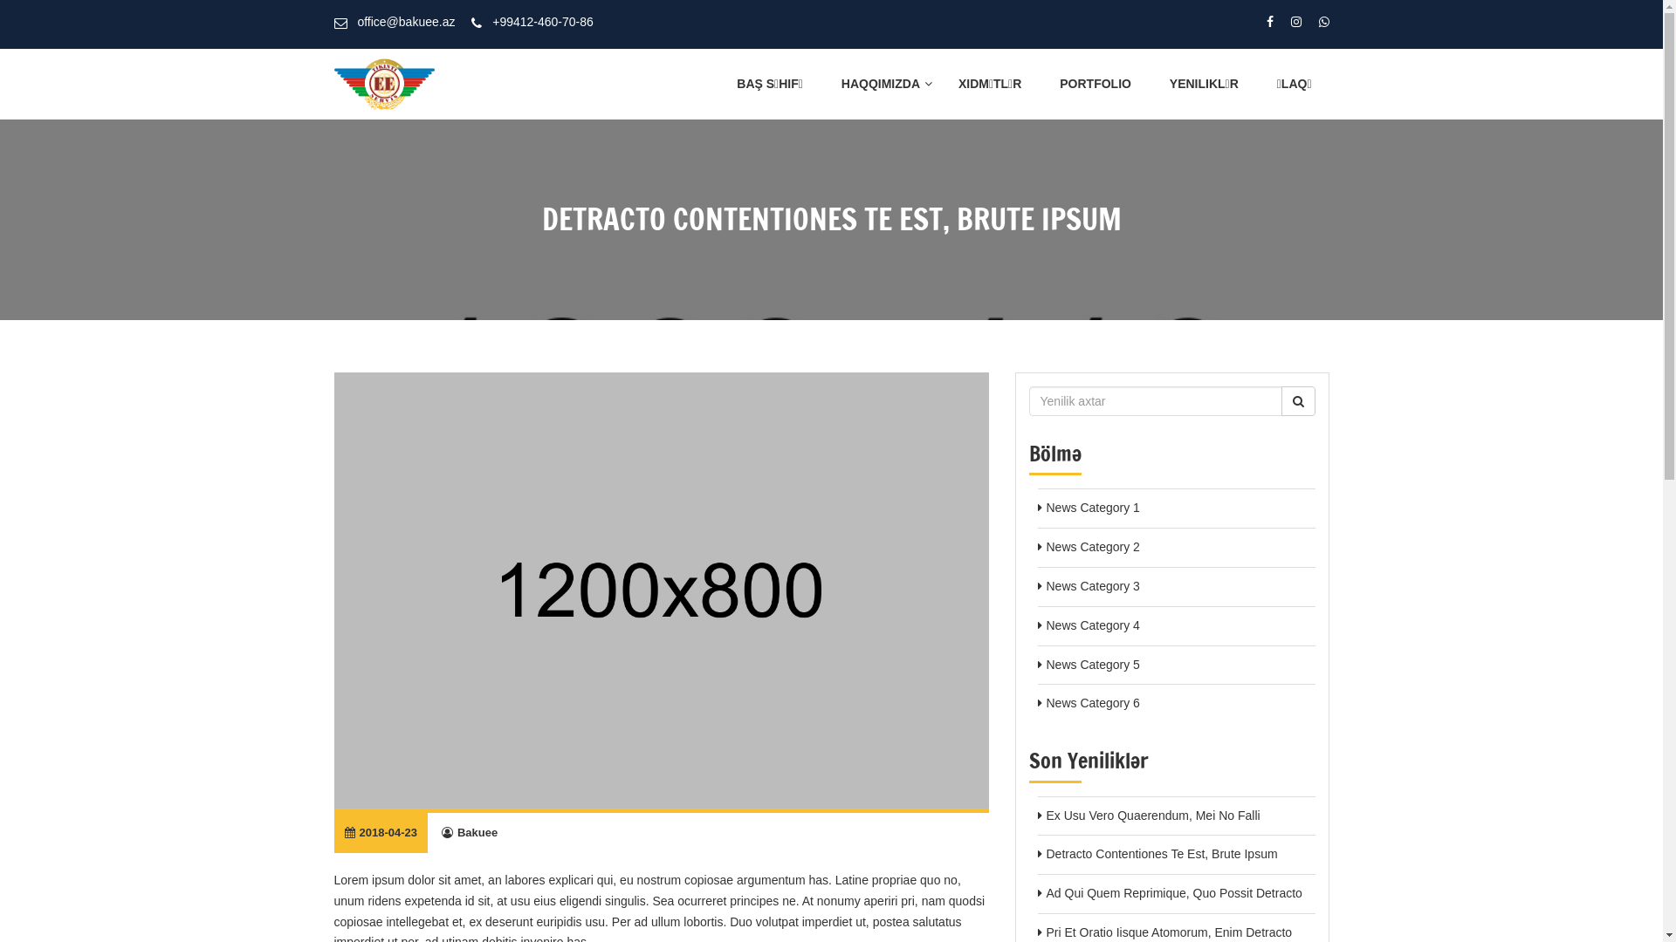  Describe the element at coordinates (1094, 84) in the screenshot. I see `'PORTFOLIO'` at that location.